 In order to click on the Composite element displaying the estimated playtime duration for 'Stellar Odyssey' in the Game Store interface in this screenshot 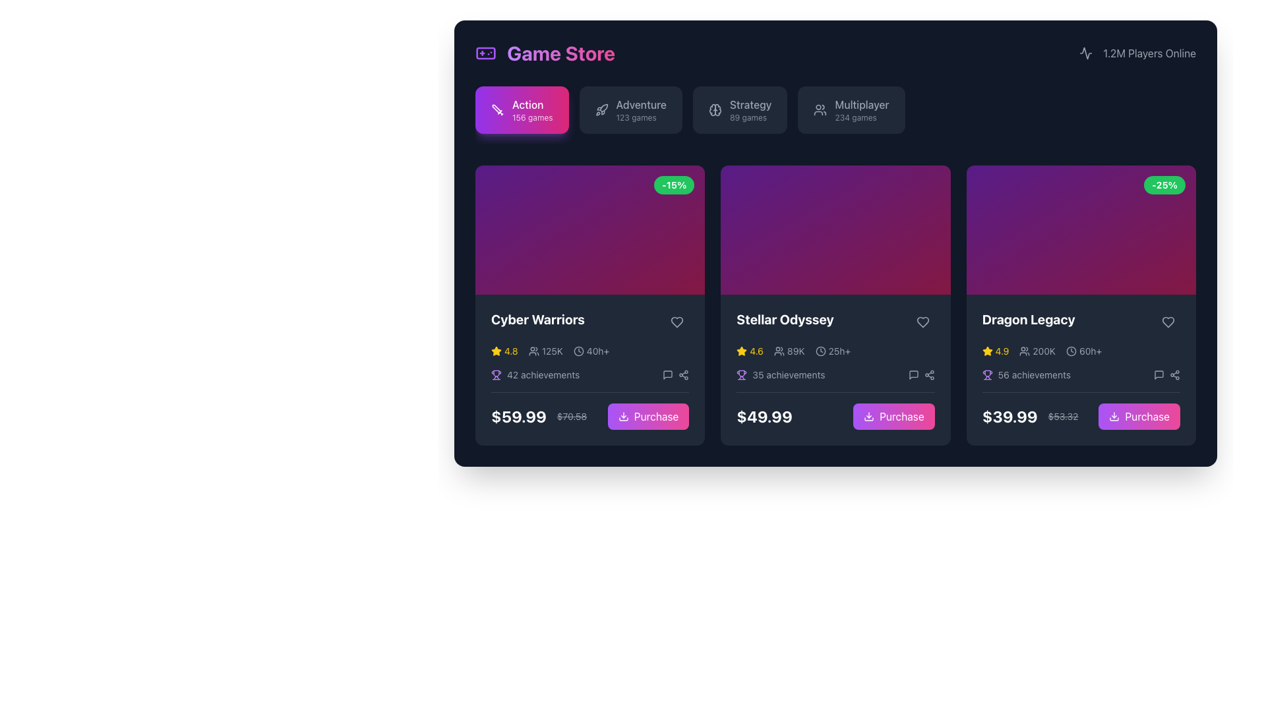, I will do `click(832, 350)`.